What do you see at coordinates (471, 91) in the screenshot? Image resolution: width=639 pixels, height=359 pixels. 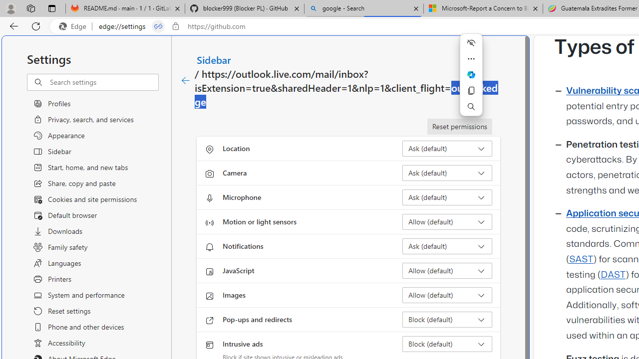 I see `'Copy'` at bounding box center [471, 91].